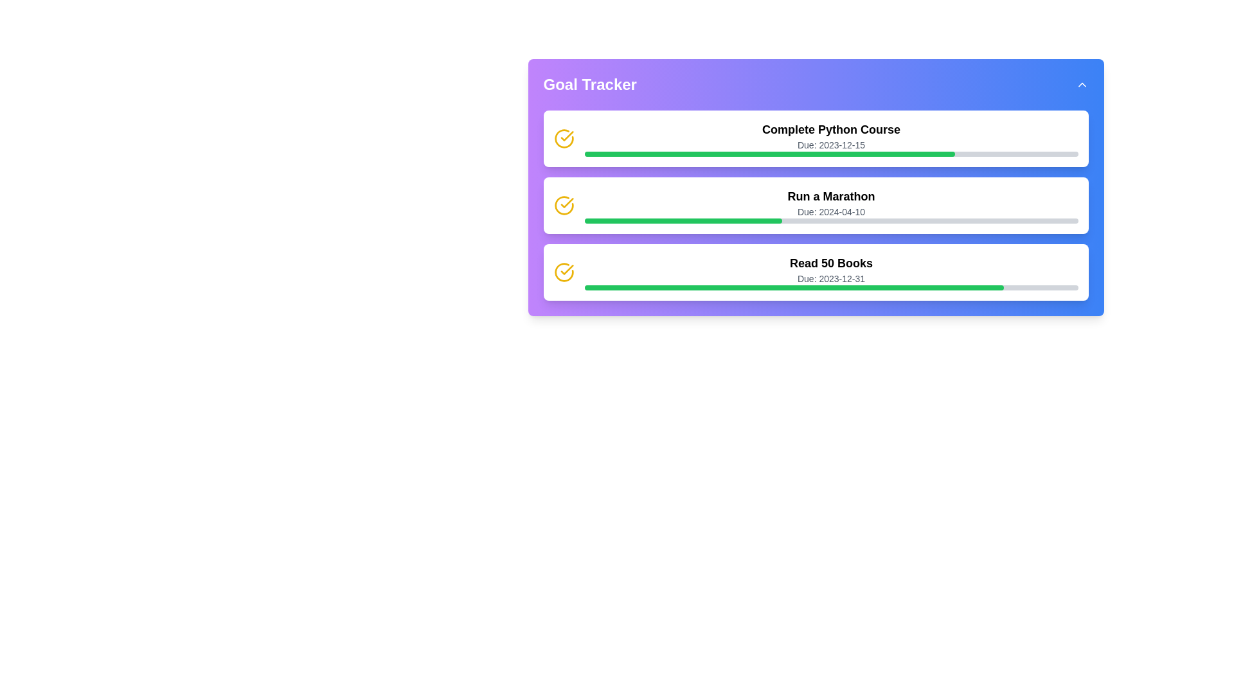 The width and height of the screenshot is (1234, 694). I want to click on the 'Run a Marathon' text label in the second card of the 'Goal Tracker' interface, which displays the phrase in a bold, large font, so click(831, 196).